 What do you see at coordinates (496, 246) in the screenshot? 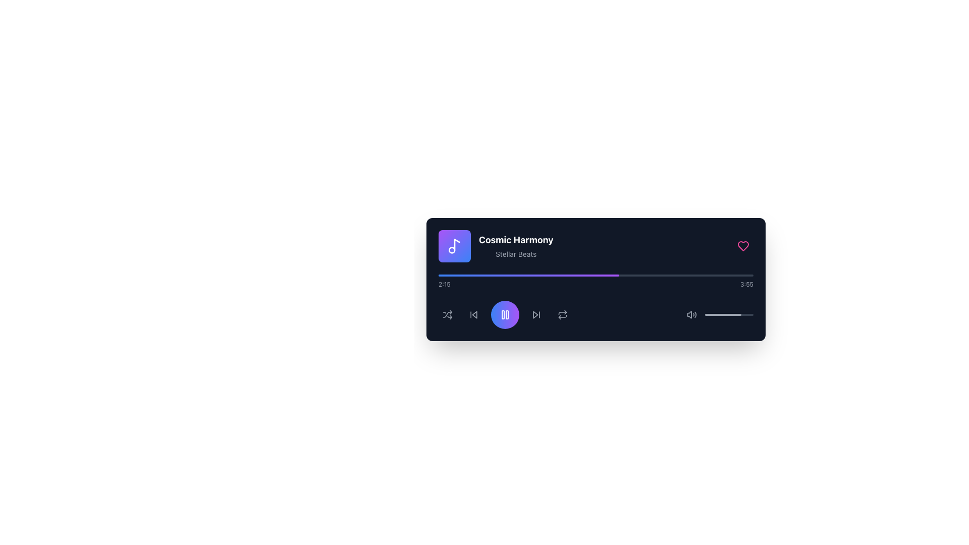
I see `the text block that displays information about the currently playing music track, located in the upper-left corner of the media player interface, adjacent` at bounding box center [496, 246].